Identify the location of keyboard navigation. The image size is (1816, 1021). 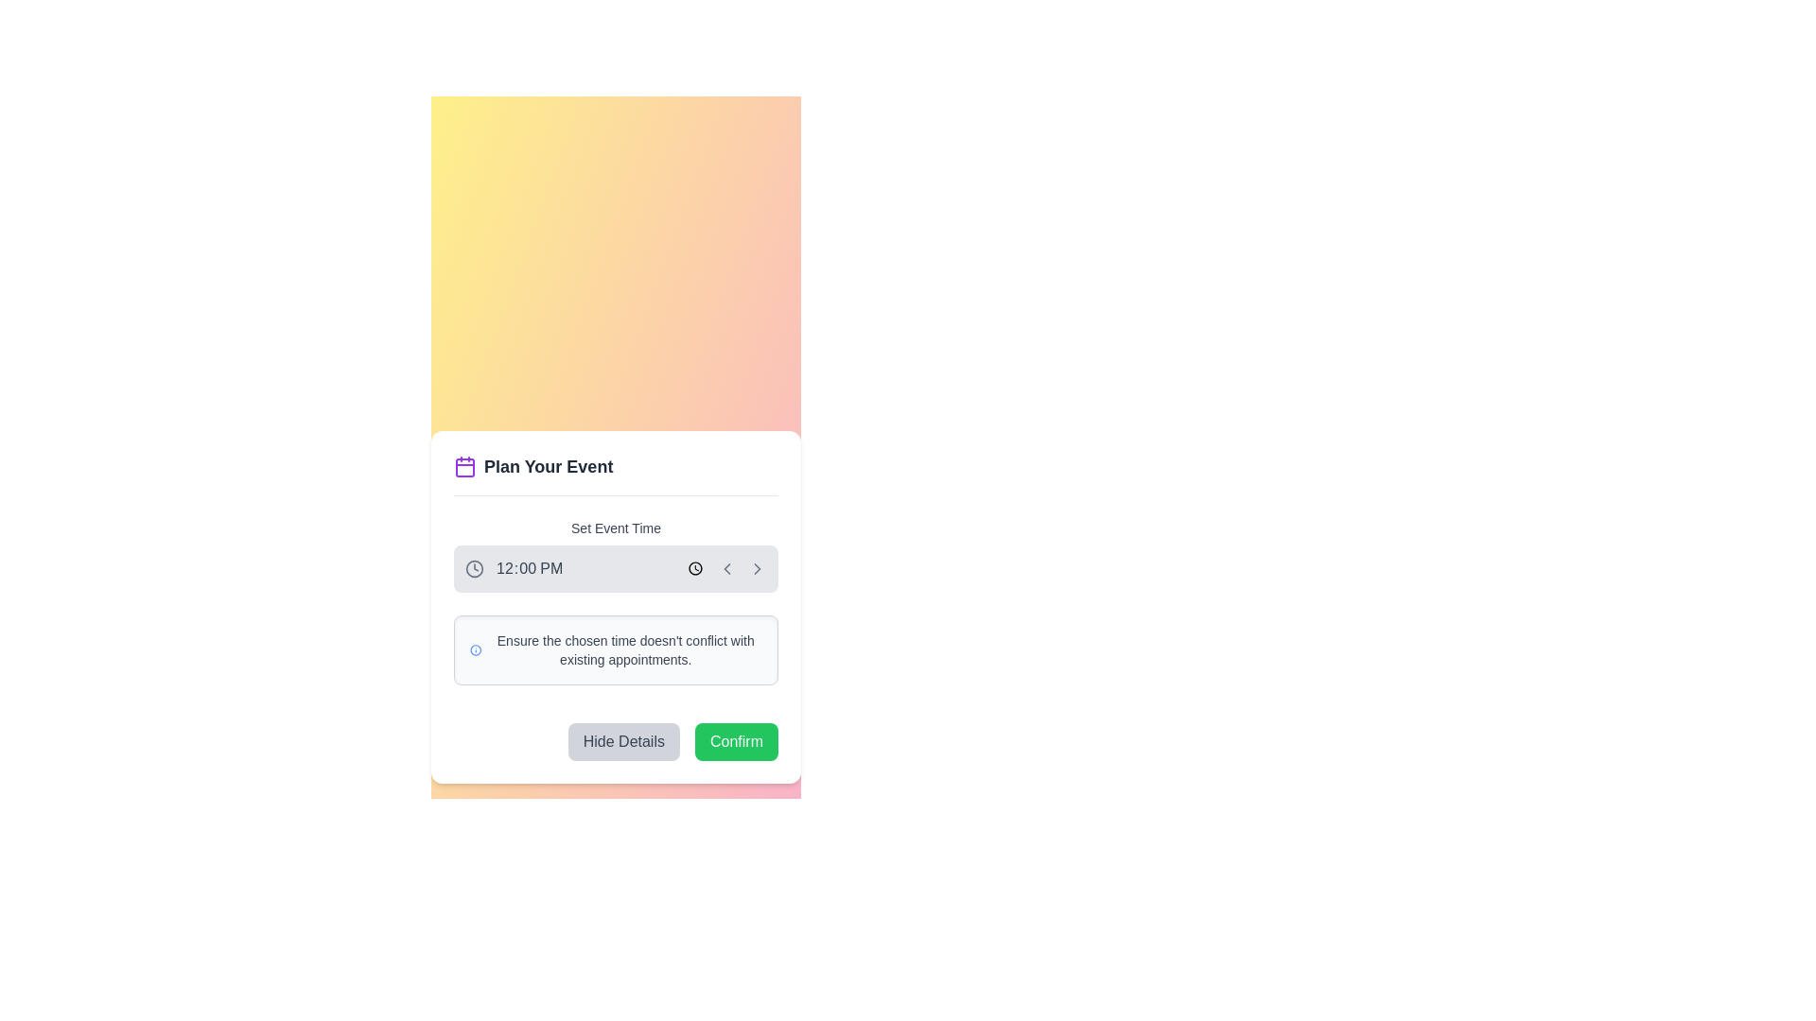
(758, 567).